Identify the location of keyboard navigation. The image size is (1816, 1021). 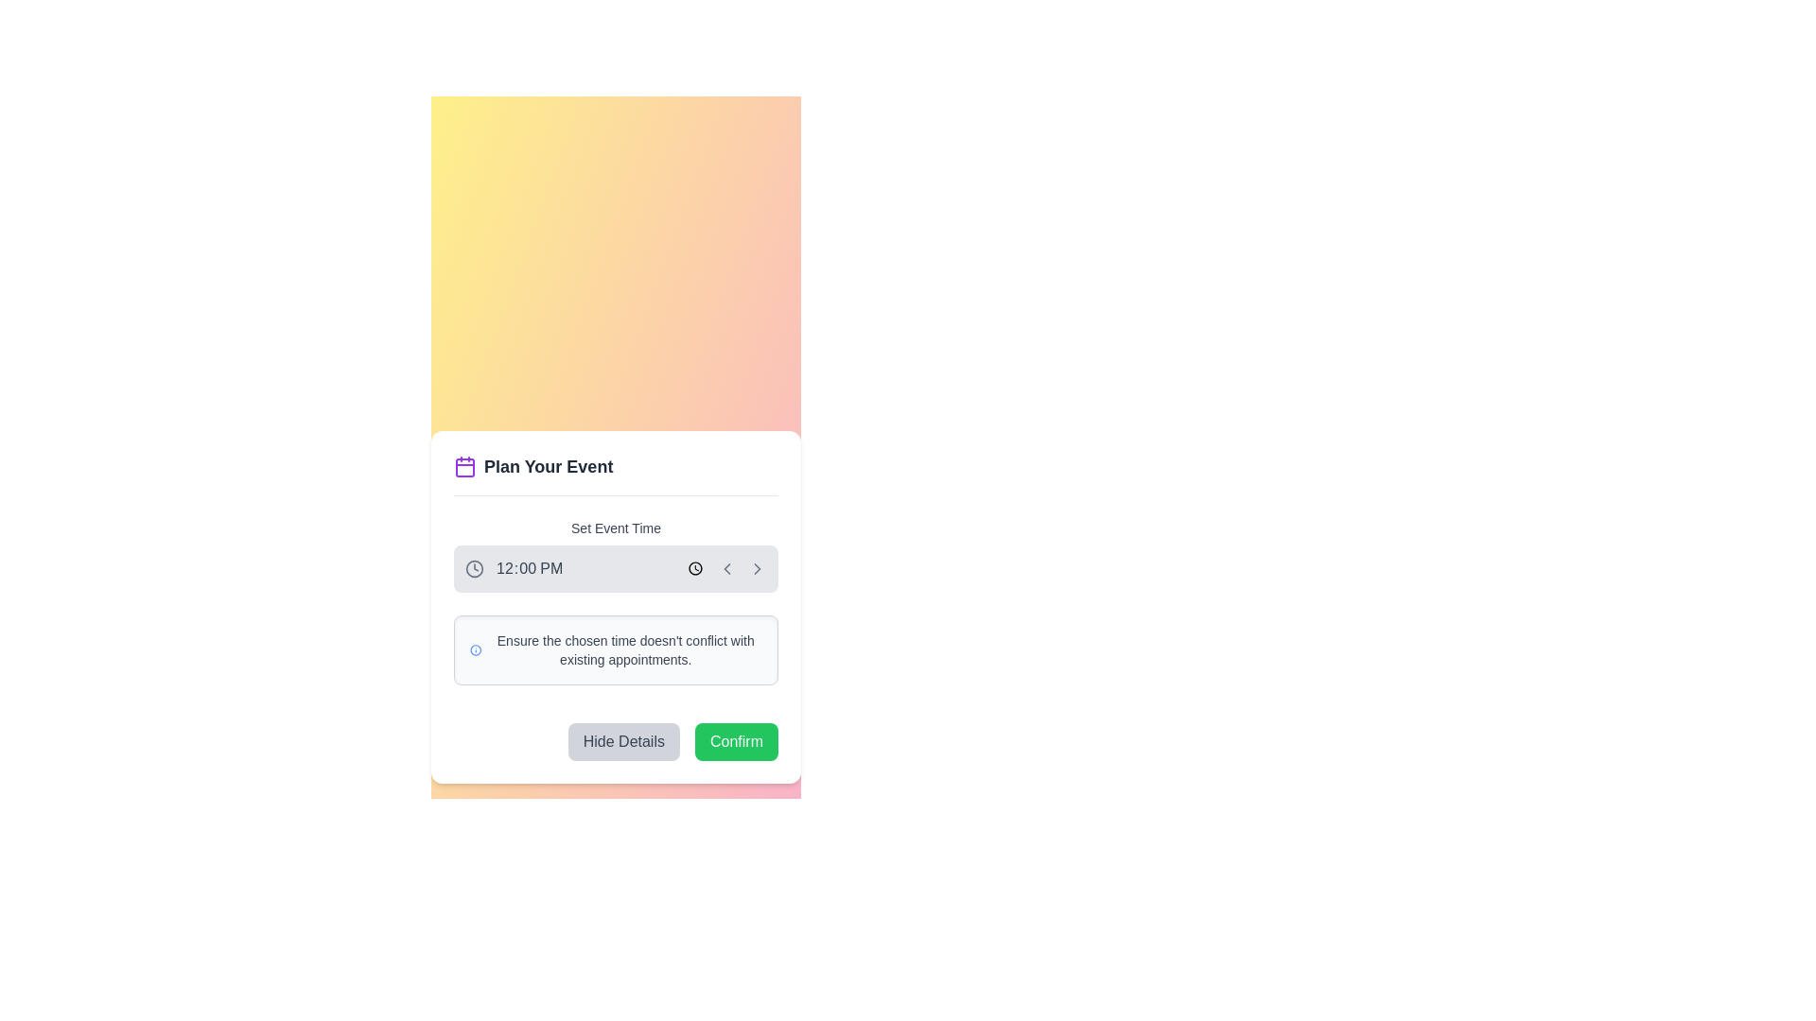
(758, 567).